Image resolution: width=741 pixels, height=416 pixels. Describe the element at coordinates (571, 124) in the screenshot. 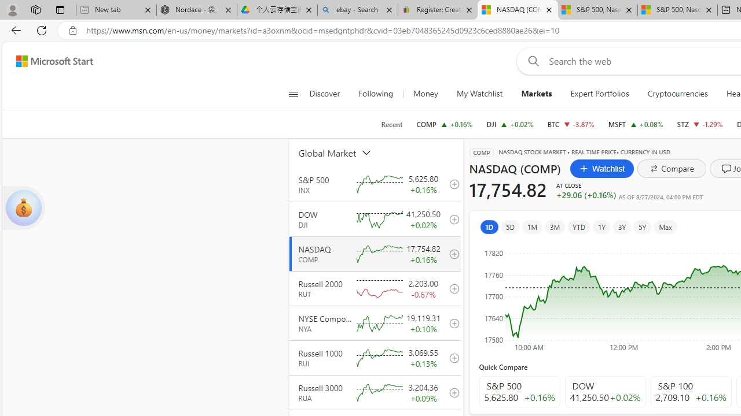

I see `'BTC Bitcoin decrease 60,043.79 -2,323.69 -3.87%'` at that location.